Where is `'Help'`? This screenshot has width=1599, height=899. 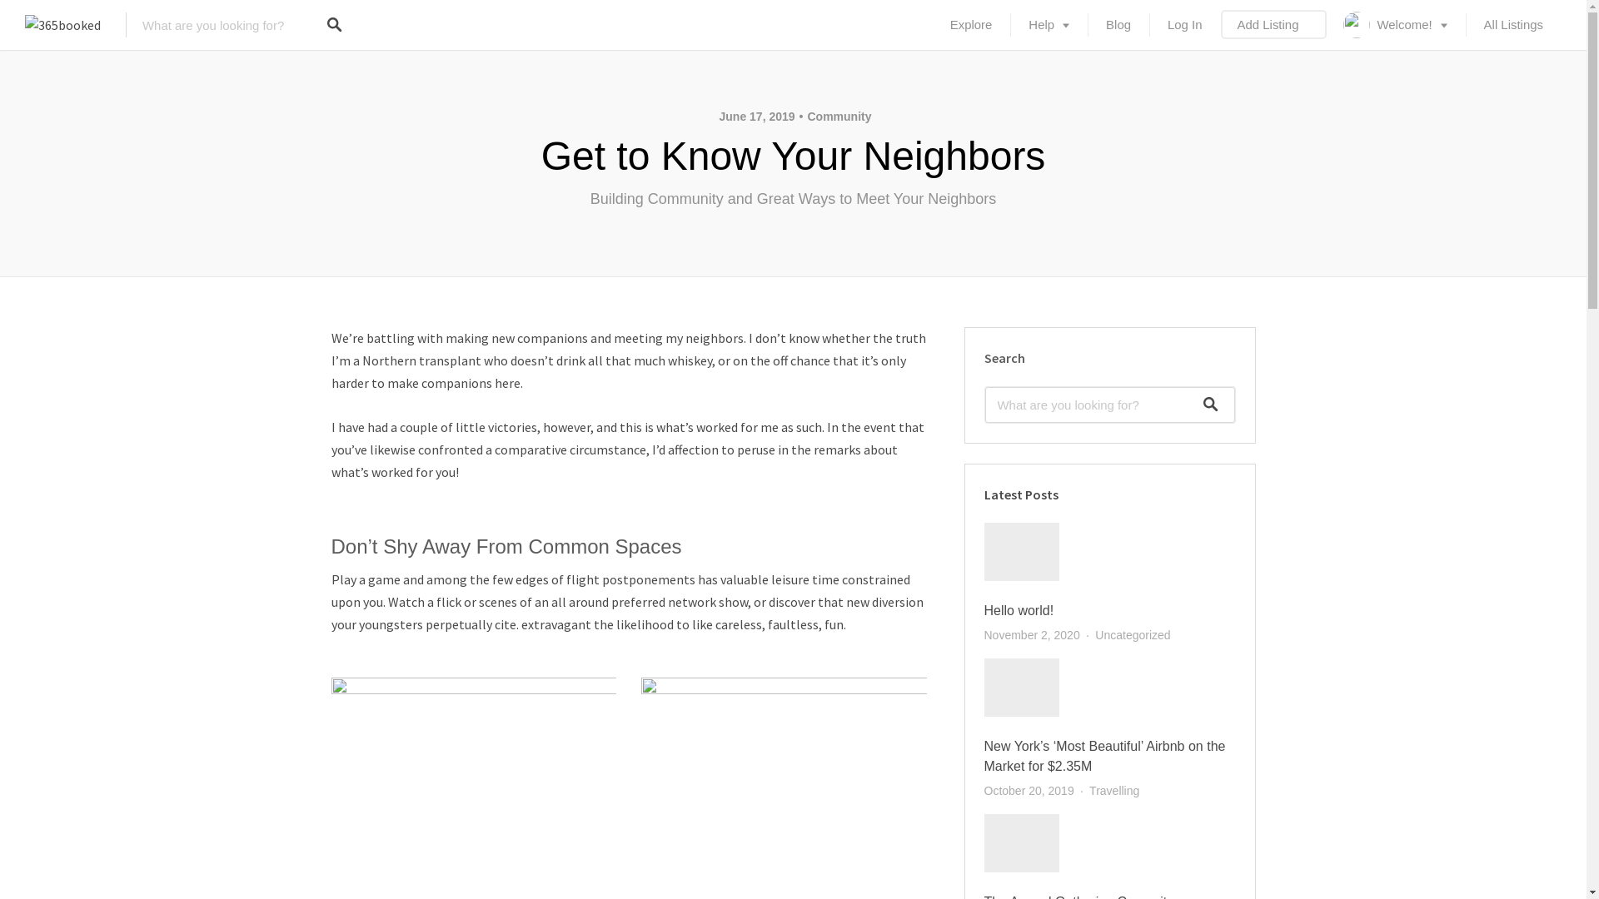
'Help' is located at coordinates (1048, 25).